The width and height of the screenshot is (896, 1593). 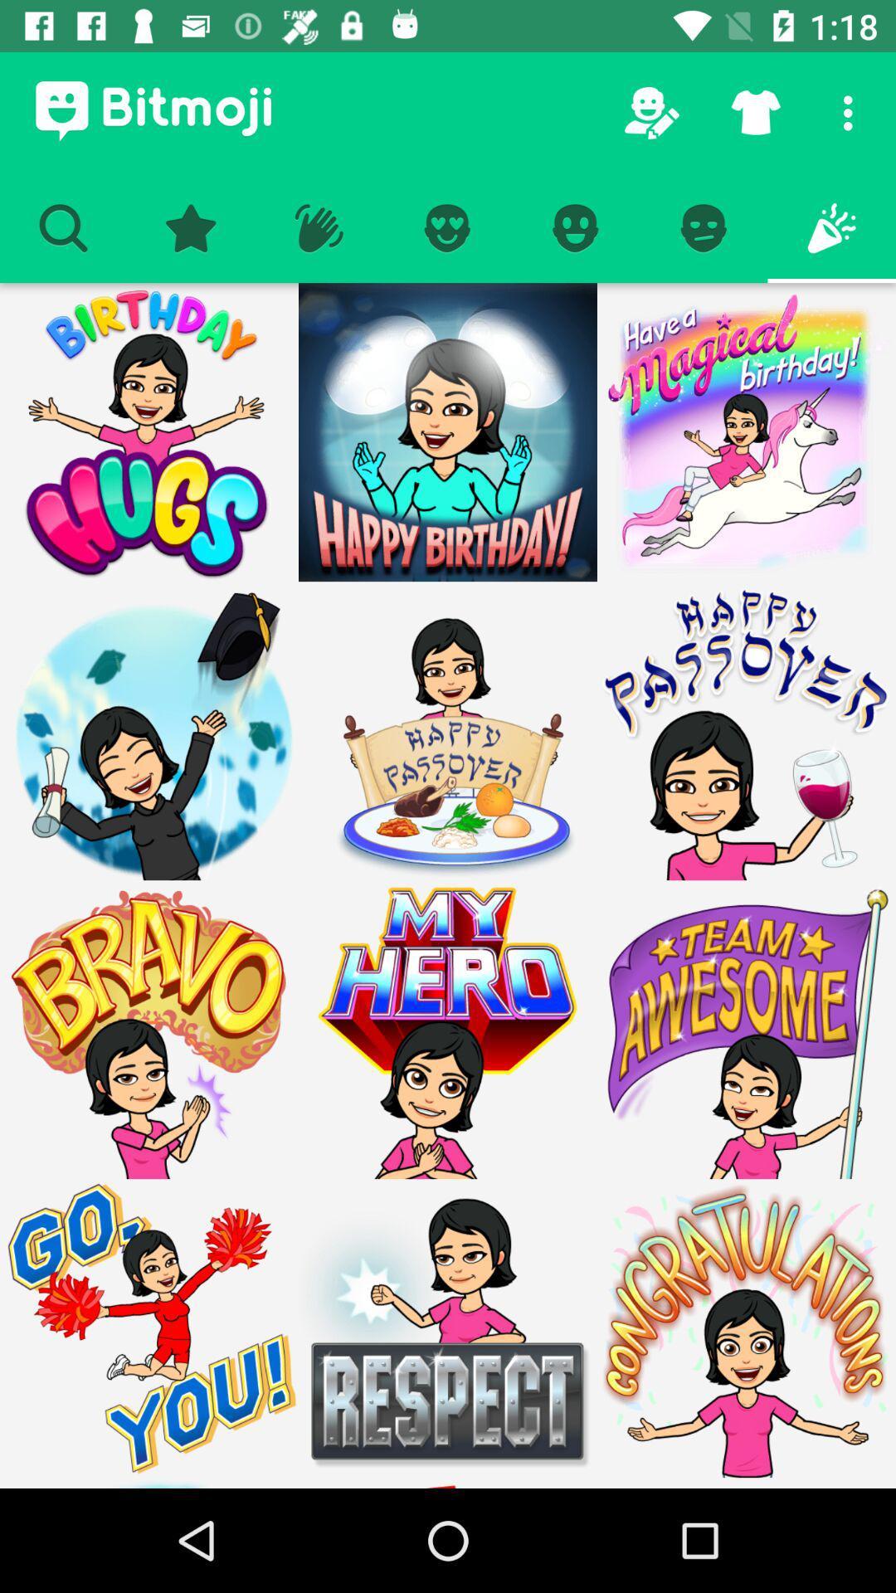 What do you see at coordinates (448, 432) in the screenshot?
I see `choose the option` at bounding box center [448, 432].